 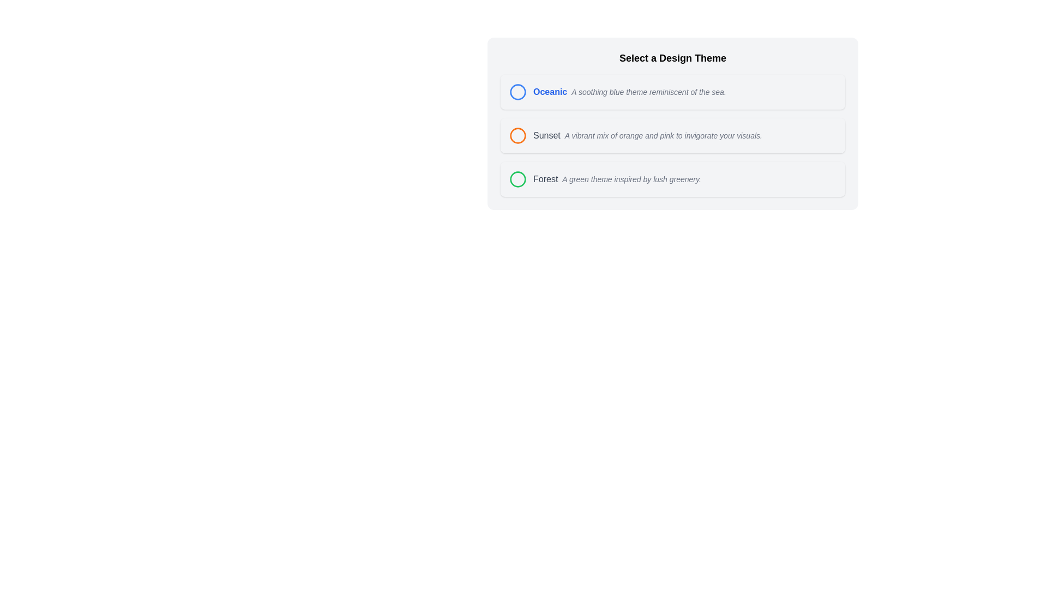 What do you see at coordinates (672, 178) in the screenshot?
I see `the selectable option labeled 'Forest' in the design theme list to choose this theme` at bounding box center [672, 178].